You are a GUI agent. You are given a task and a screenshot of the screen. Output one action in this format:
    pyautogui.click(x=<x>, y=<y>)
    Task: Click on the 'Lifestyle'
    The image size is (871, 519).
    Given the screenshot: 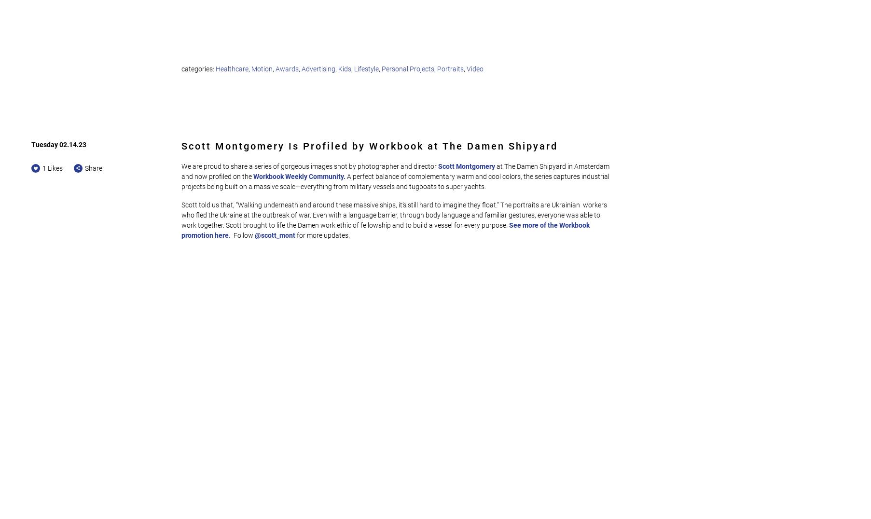 What is the action you would take?
    pyautogui.click(x=366, y=68)
    